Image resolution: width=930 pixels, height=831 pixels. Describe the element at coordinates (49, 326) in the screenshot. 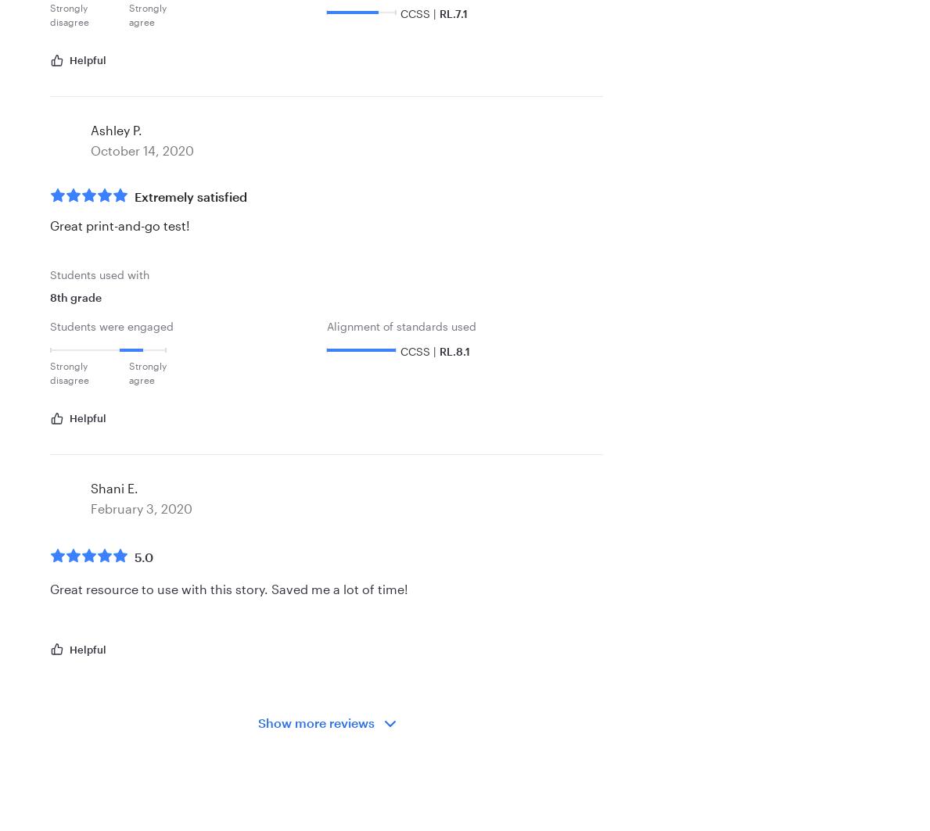

I see `'Students were engaged'` at that location.